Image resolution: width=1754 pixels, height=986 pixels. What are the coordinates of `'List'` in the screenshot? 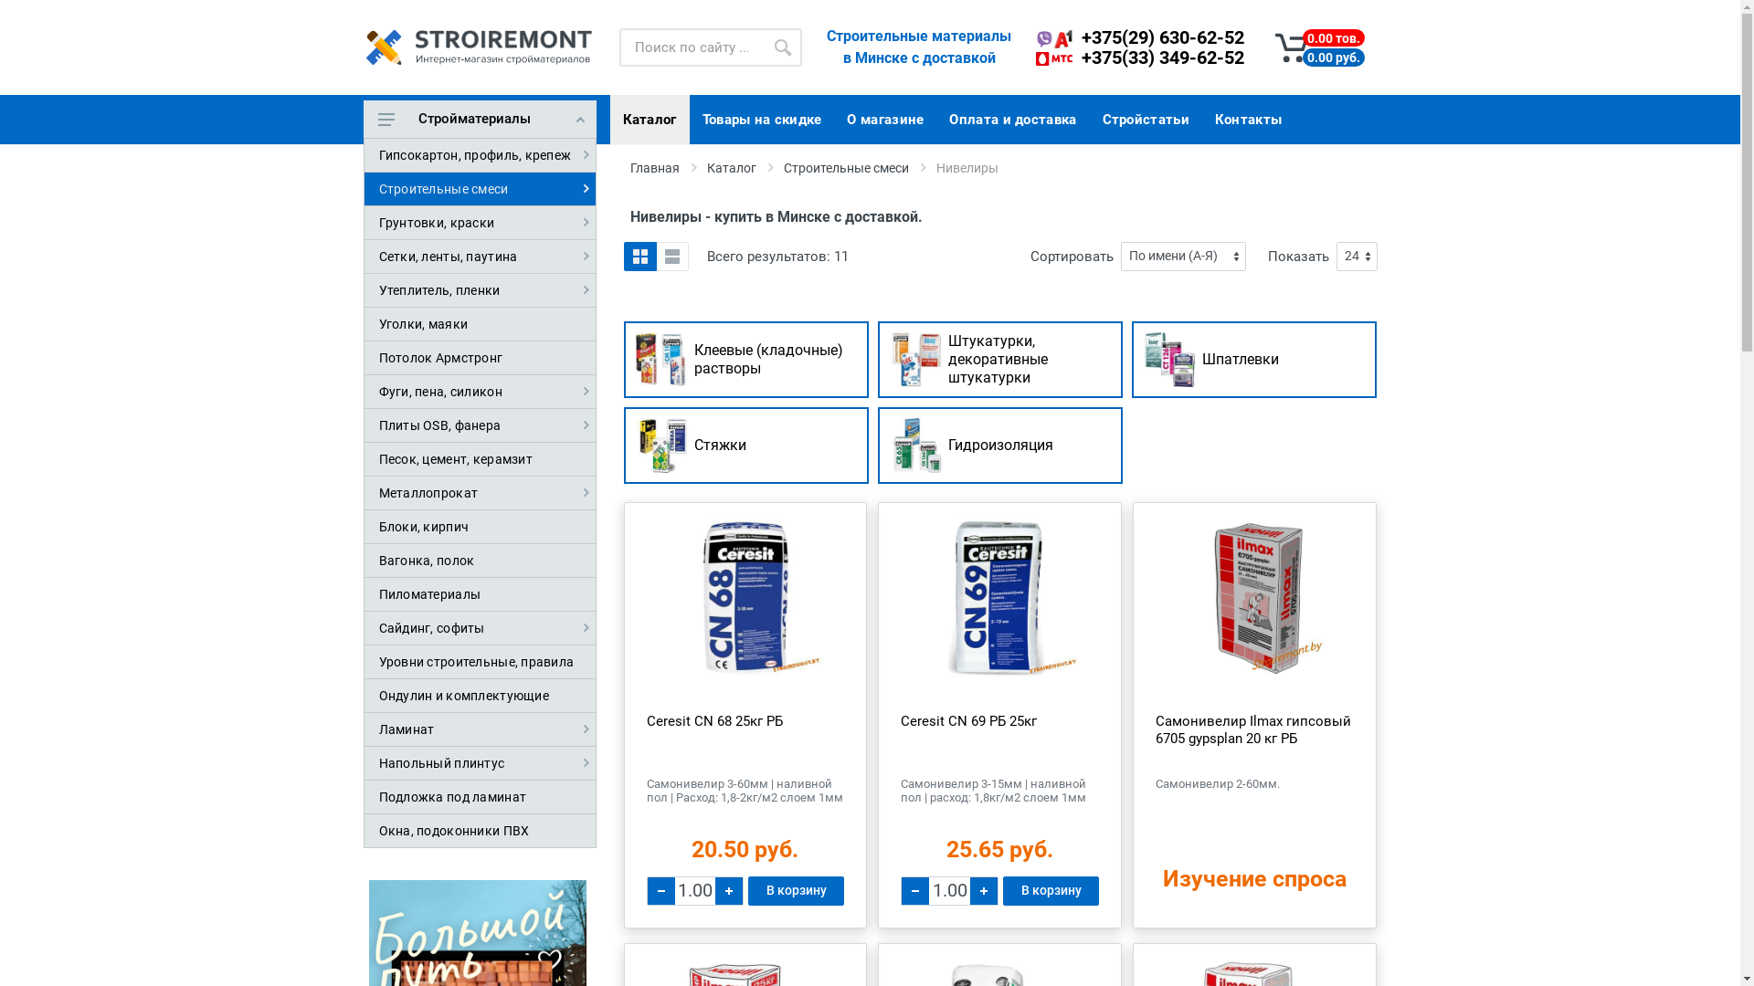 It's located at (671, 257).